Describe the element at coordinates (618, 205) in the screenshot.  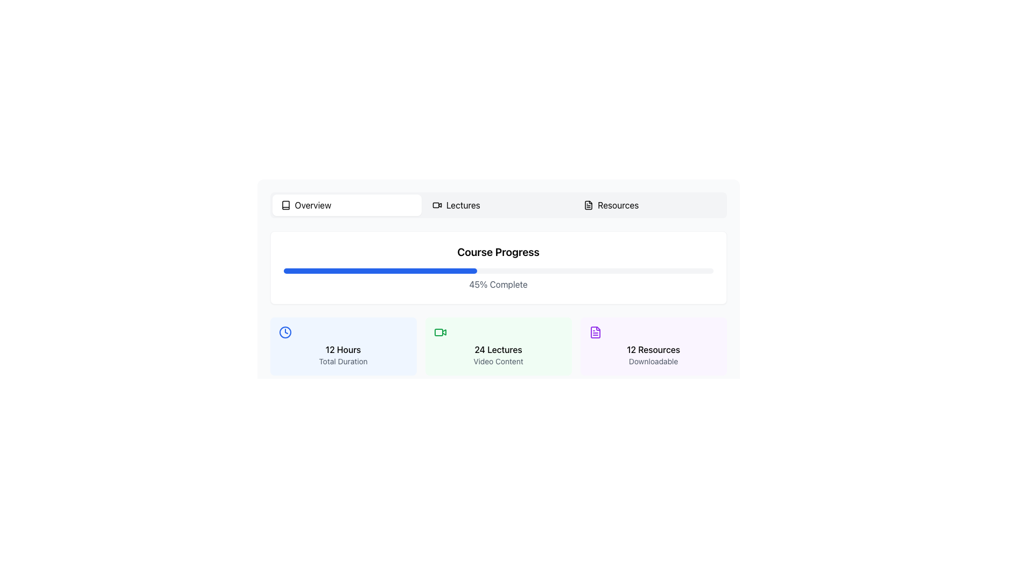
I see `the 'Resources' text label in the navigation menu` at that location.